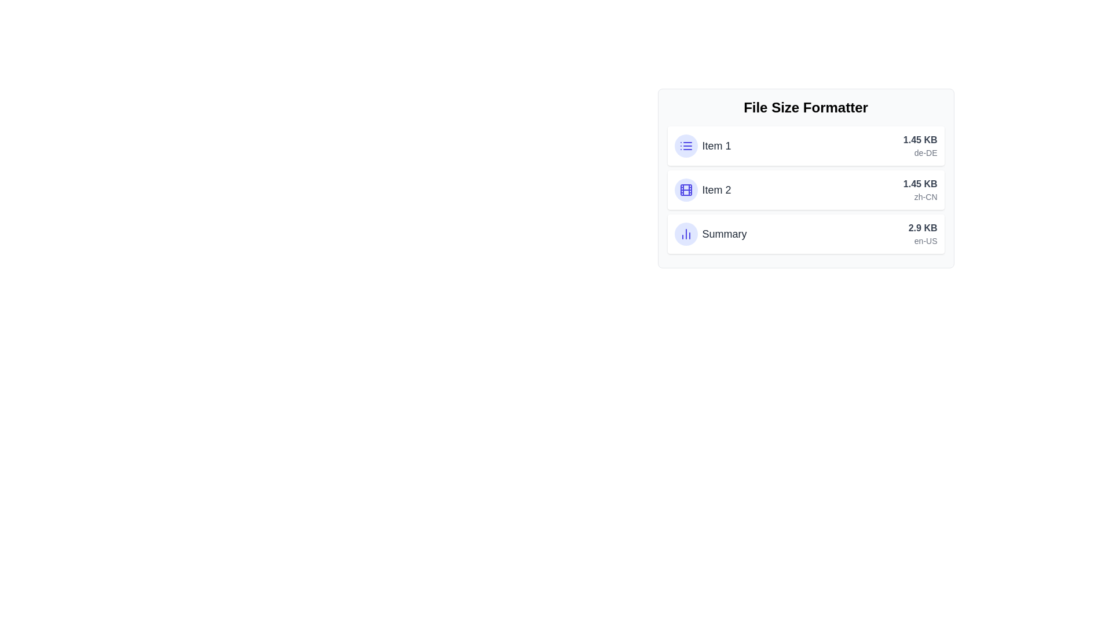 Image resolution: width=1112 pixels, height=626 pixels. Describe the element at coordinates (702, 145) in the screenshot. I see `the first row containing the icon resembling a list and the label 'Item 1' under the heading 'File Size Formatter'` at that location.